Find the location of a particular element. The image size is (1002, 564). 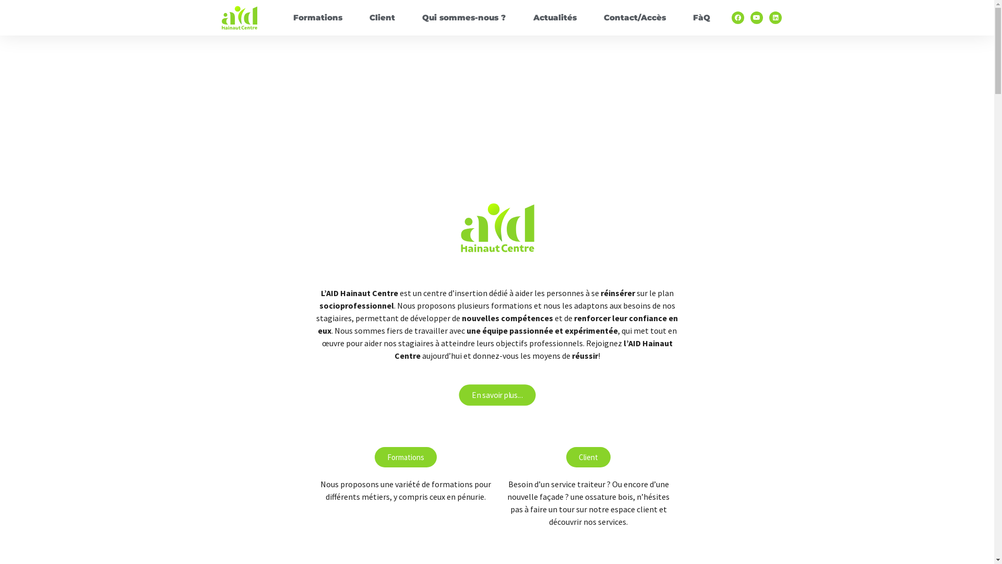

'En savoir plus...' is located at coordinates (495, 394).